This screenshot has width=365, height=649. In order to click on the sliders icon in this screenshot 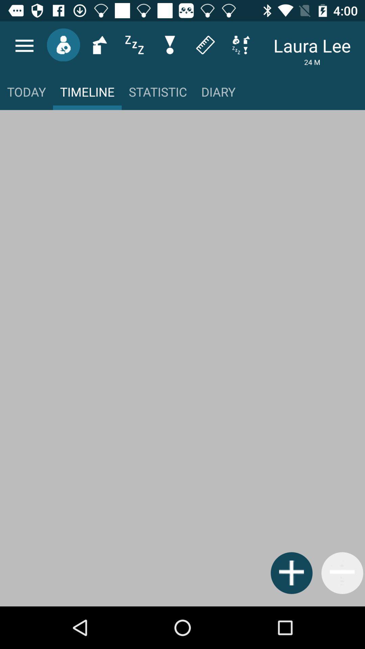, I will do `click(134, 44)`.